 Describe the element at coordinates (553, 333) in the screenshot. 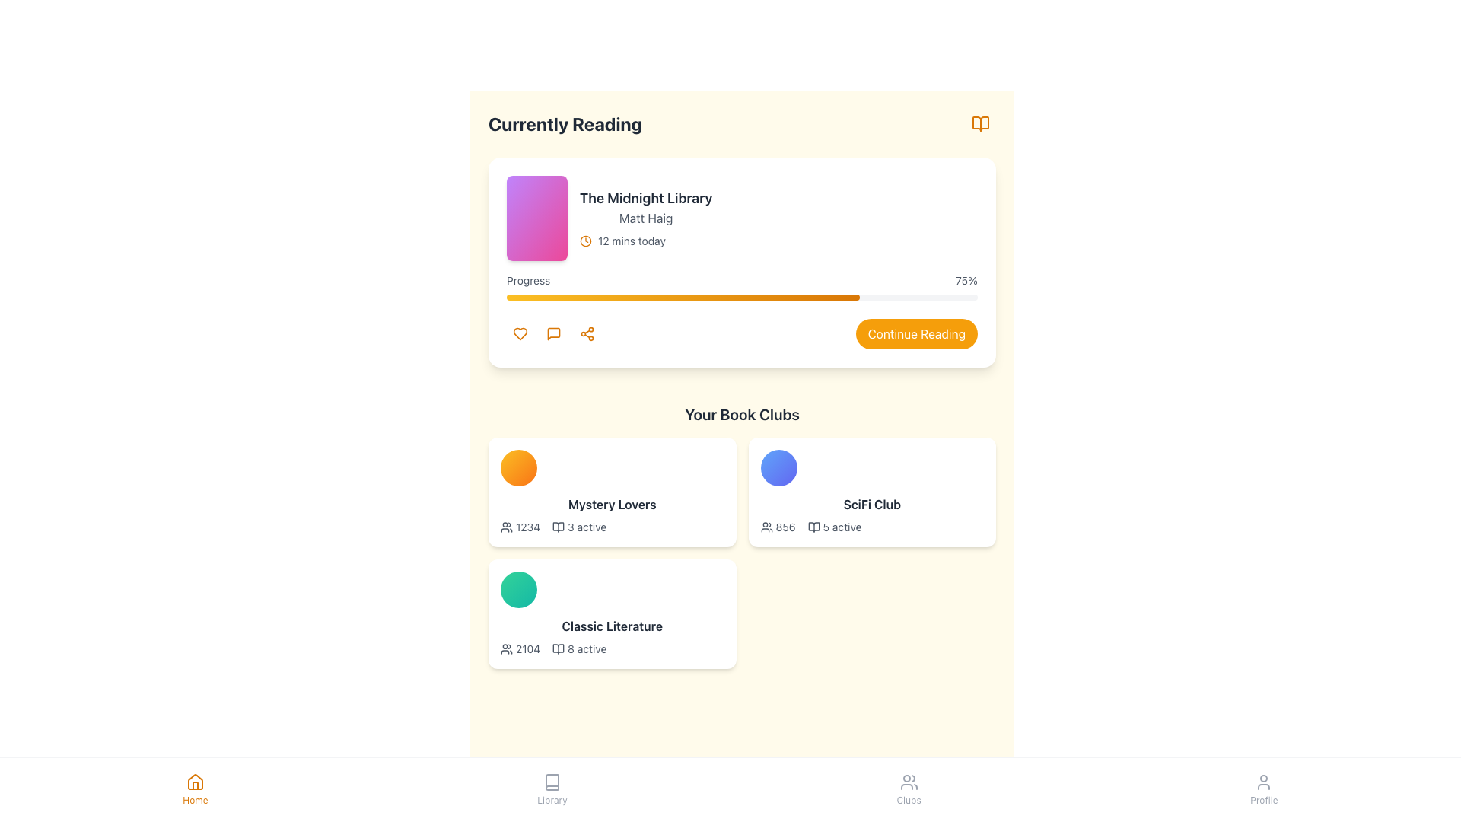

I see `the second button in the row of three interactive buttons under the book progress bar in the 'Currently Reading' section to activate the visual feedback effect` at that location.